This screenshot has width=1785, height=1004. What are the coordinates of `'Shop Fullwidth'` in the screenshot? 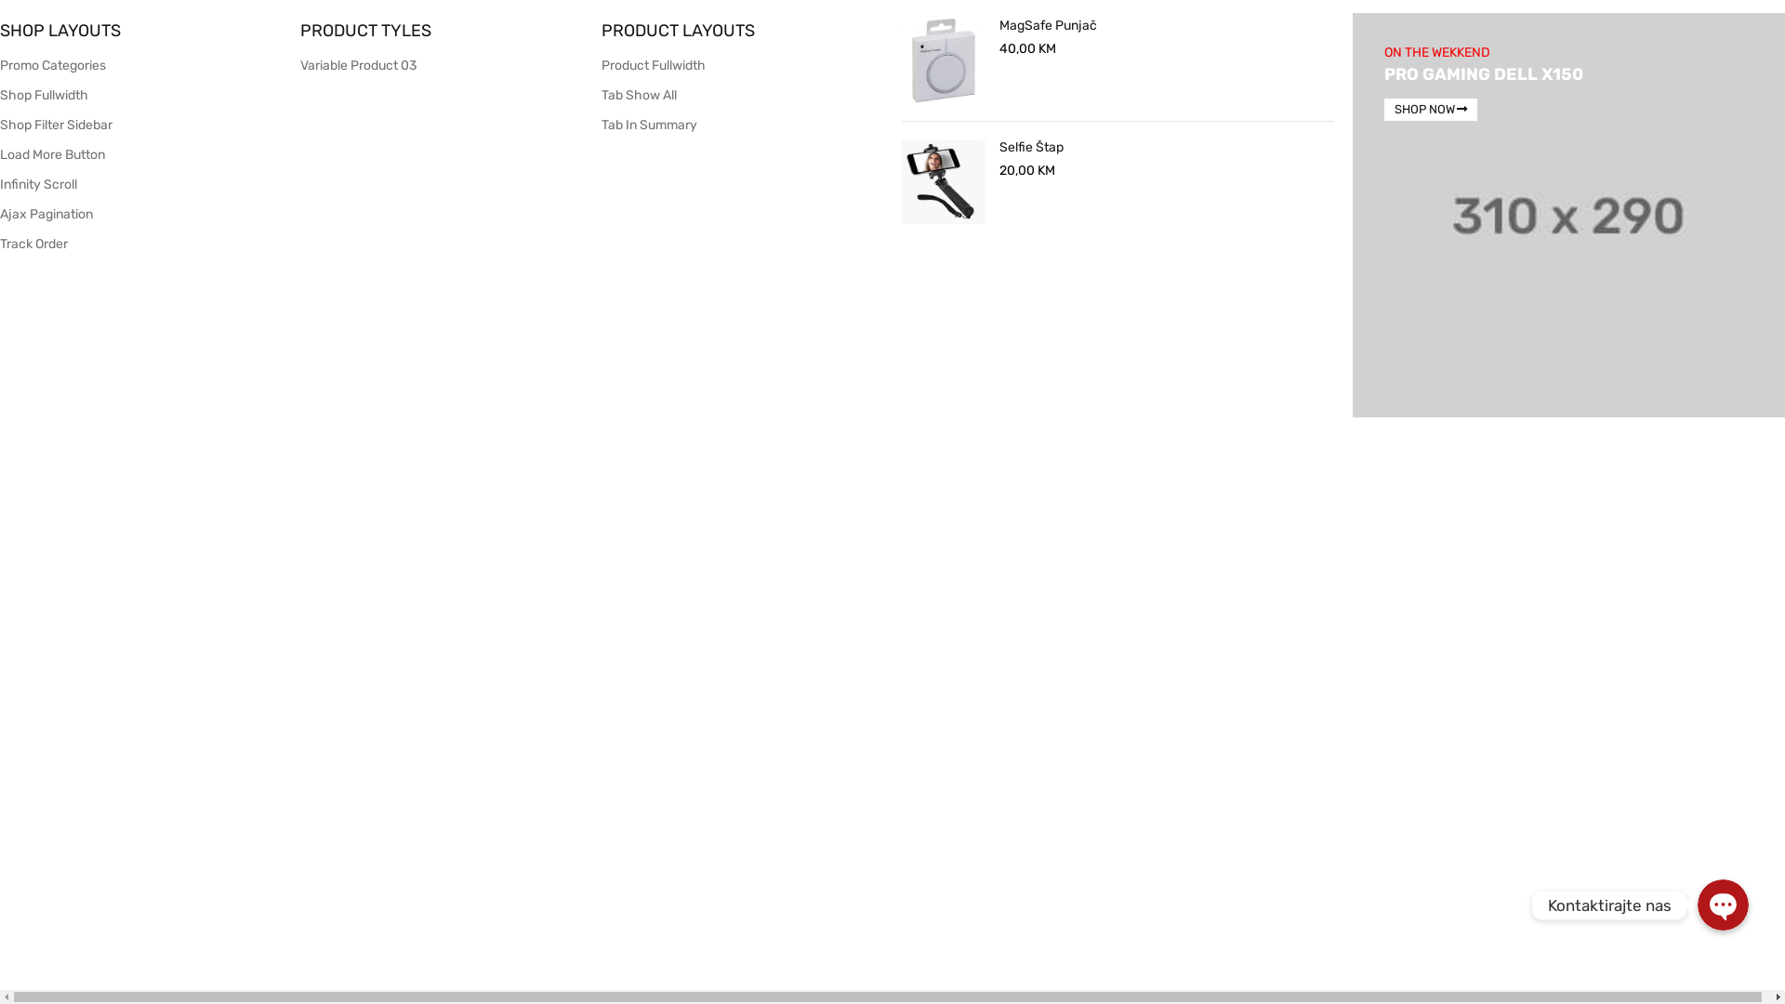 It's located at (0, 95).